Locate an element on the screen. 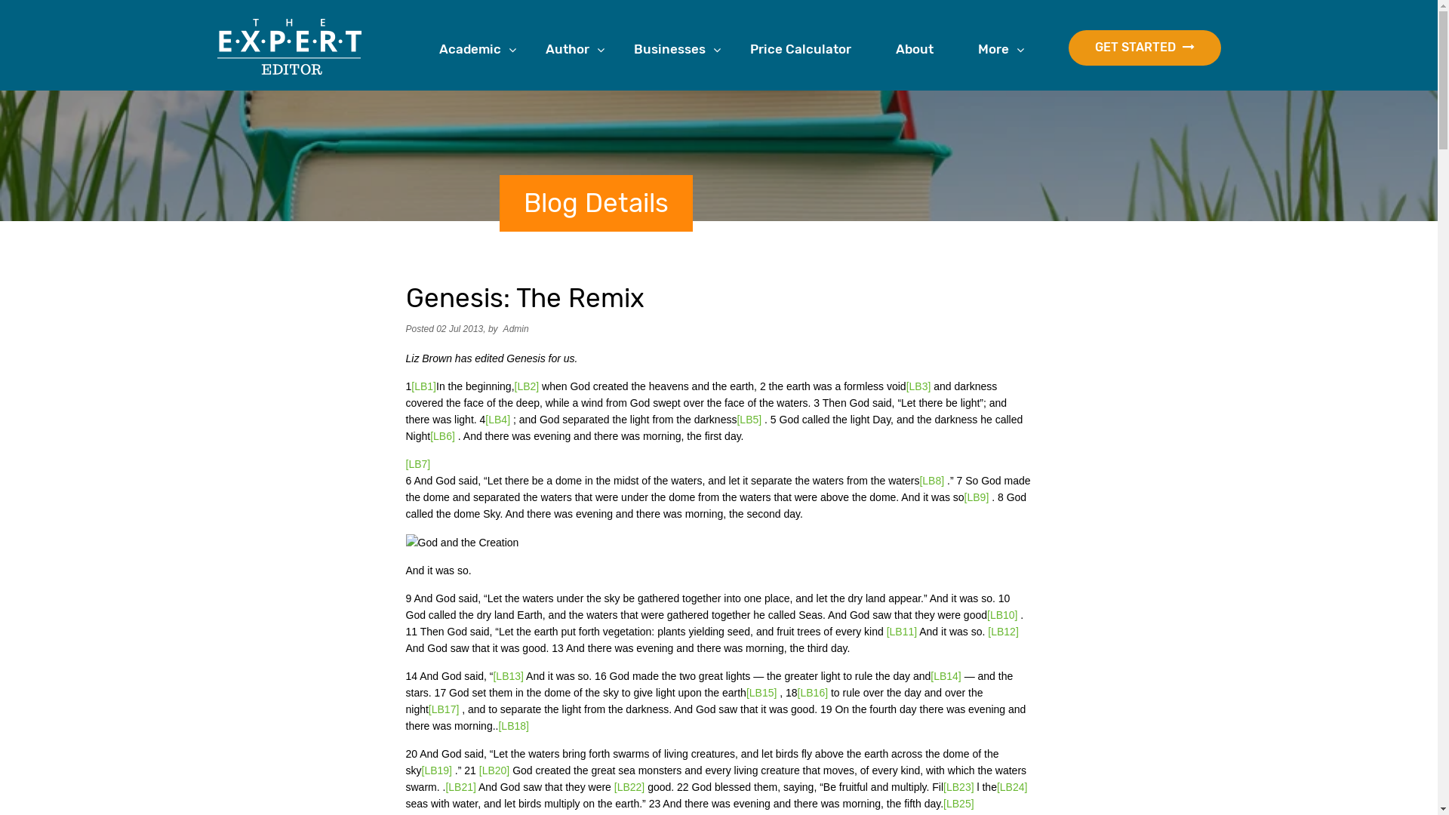  '[LB18]' is located at coordinates (498, 724).